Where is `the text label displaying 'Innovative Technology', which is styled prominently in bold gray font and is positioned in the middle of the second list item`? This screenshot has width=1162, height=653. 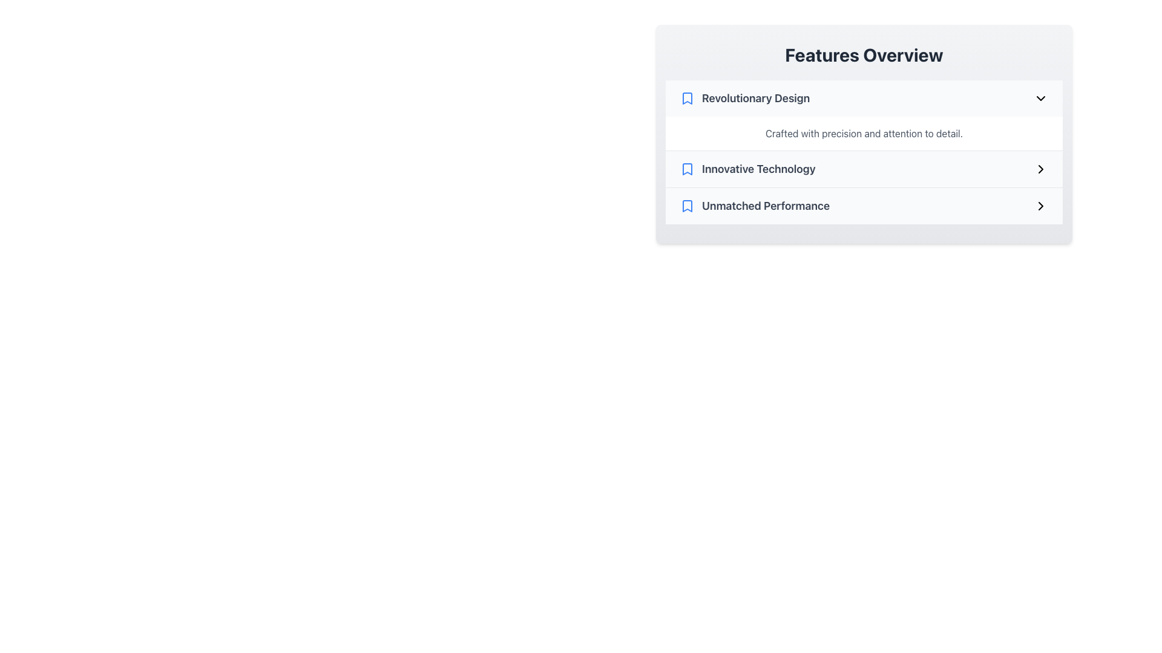
the text label displaying 'Innovative Technology', which is styled prominently in bold gray font and is positioned in the middle of the second list item is located at coordinates (758, 169).